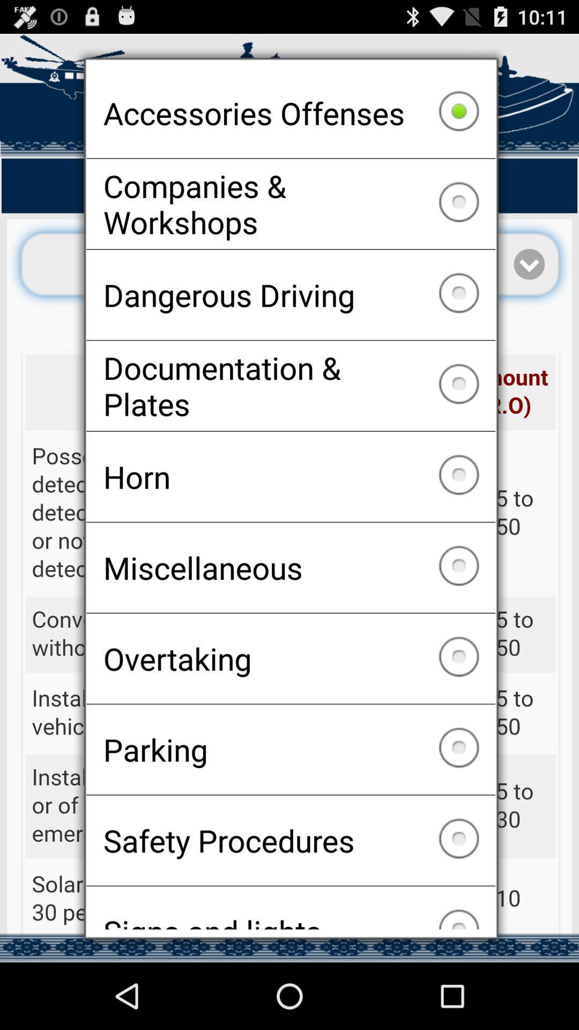  What do you see at coordinates (291, 749) in the screenshot?
I see `the icon below the overtaking` at bounding box center [291, 749].